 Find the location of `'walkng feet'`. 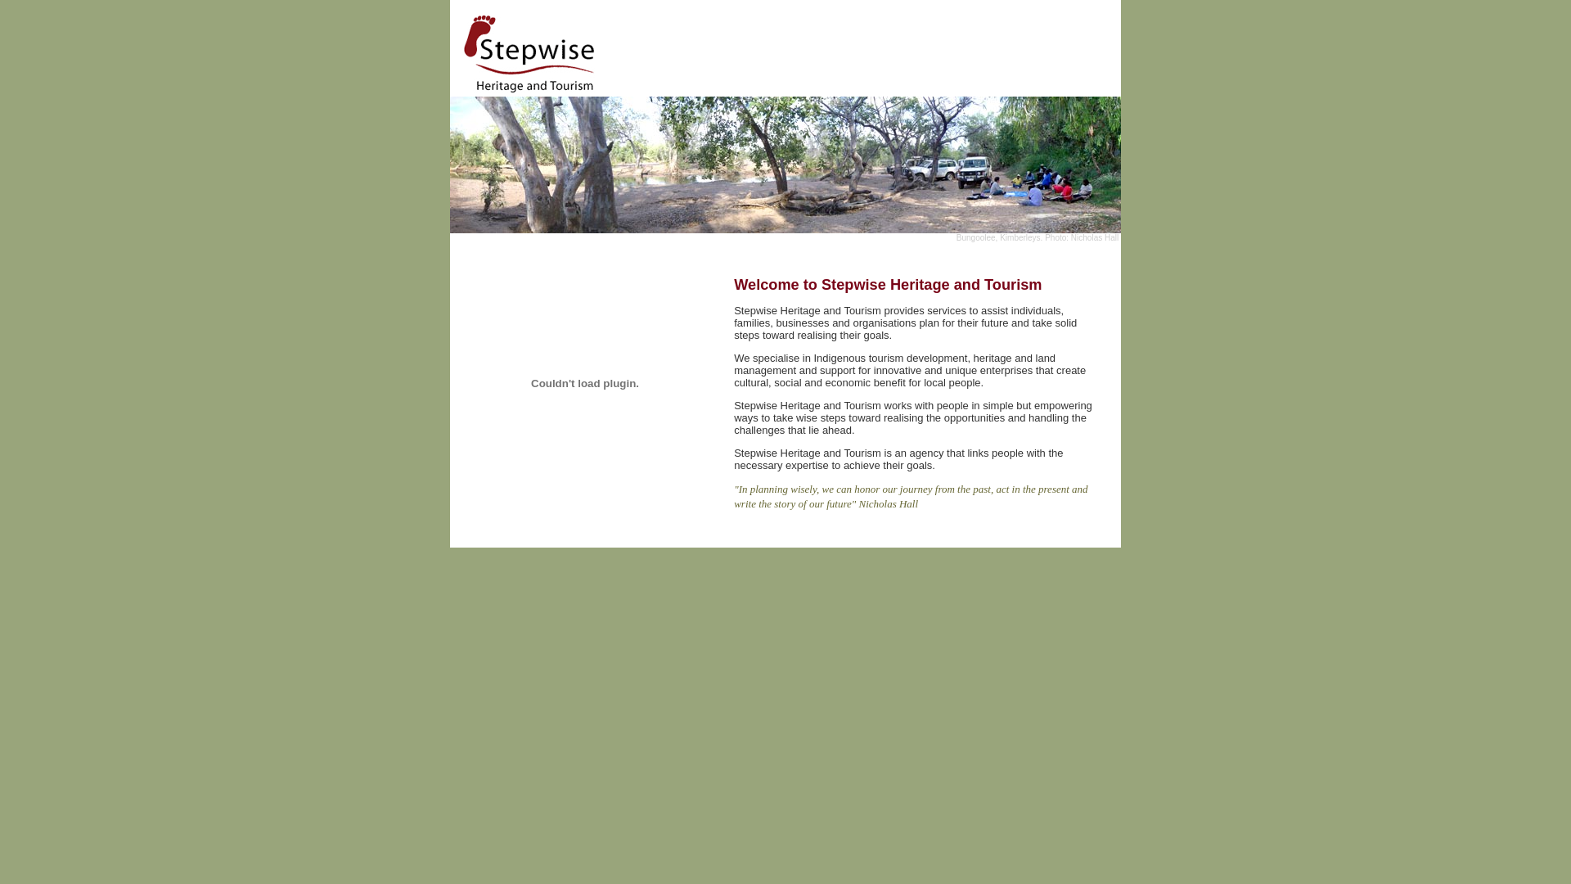

'walkng feet' is located at coordinates (585, 383).